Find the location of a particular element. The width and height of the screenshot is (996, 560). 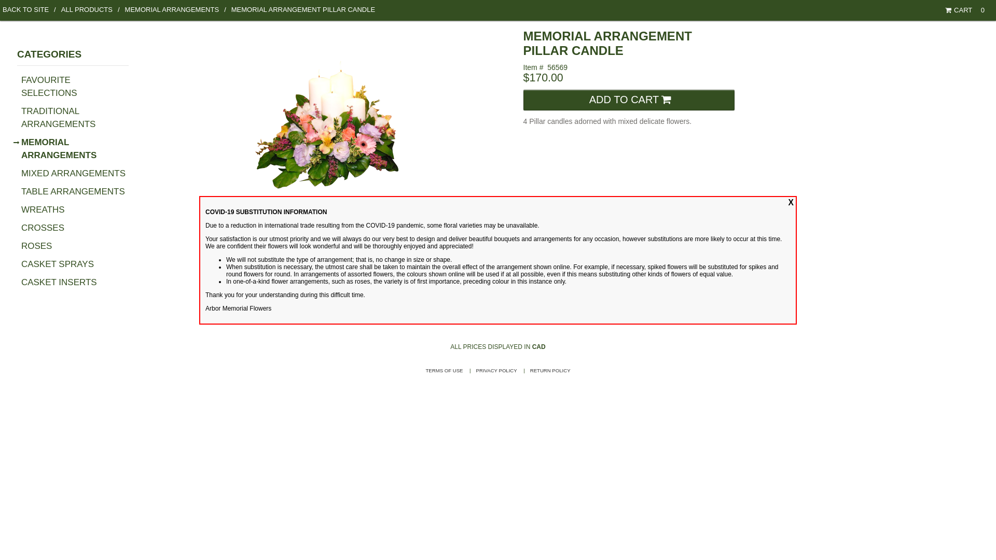

'ALL PRODUCTS' is located at coordinates (90, 9).